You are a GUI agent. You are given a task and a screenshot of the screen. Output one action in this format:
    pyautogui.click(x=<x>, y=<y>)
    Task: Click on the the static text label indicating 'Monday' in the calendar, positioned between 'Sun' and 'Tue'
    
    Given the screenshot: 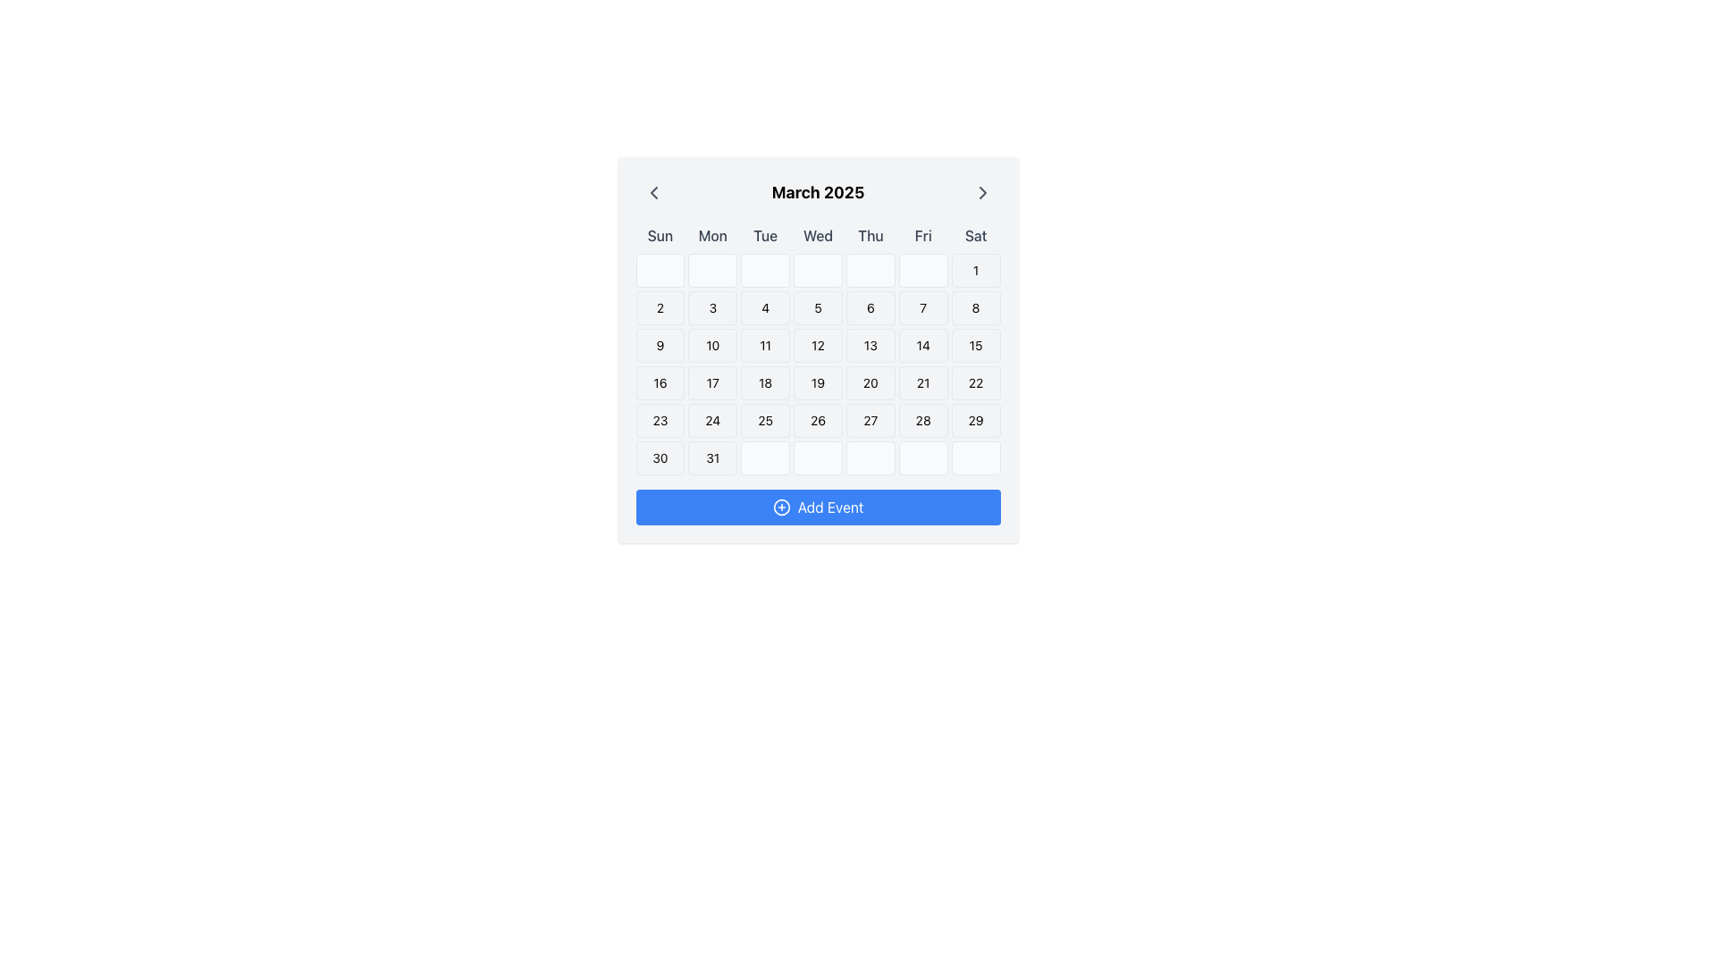 What is the action you would take?
    pyautogui.click(x=711, y=234)
    